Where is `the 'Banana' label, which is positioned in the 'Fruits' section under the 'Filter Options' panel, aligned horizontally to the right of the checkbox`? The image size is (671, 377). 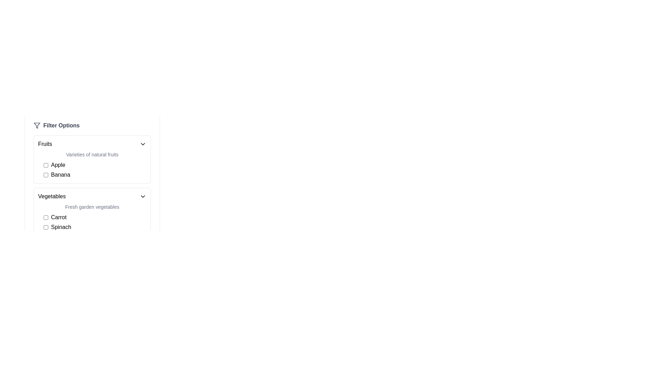 the 'Banana' label, which is positioned in the 'Fruits' section under the 'Filter Options' panel, aligned horizontally to the right of the checkbox is located at coordinates (60, 175).